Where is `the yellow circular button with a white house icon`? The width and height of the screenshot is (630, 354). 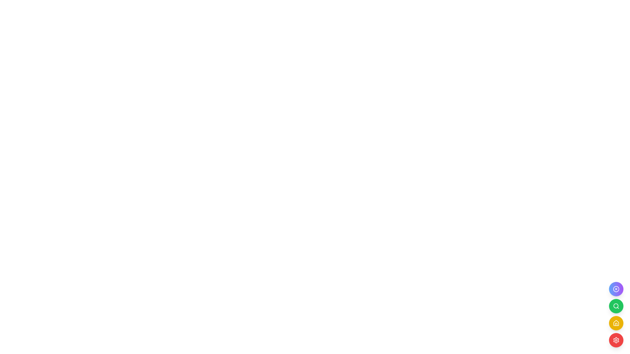 the yellow circular button with a white house icon is located at coordinates (616, 314).